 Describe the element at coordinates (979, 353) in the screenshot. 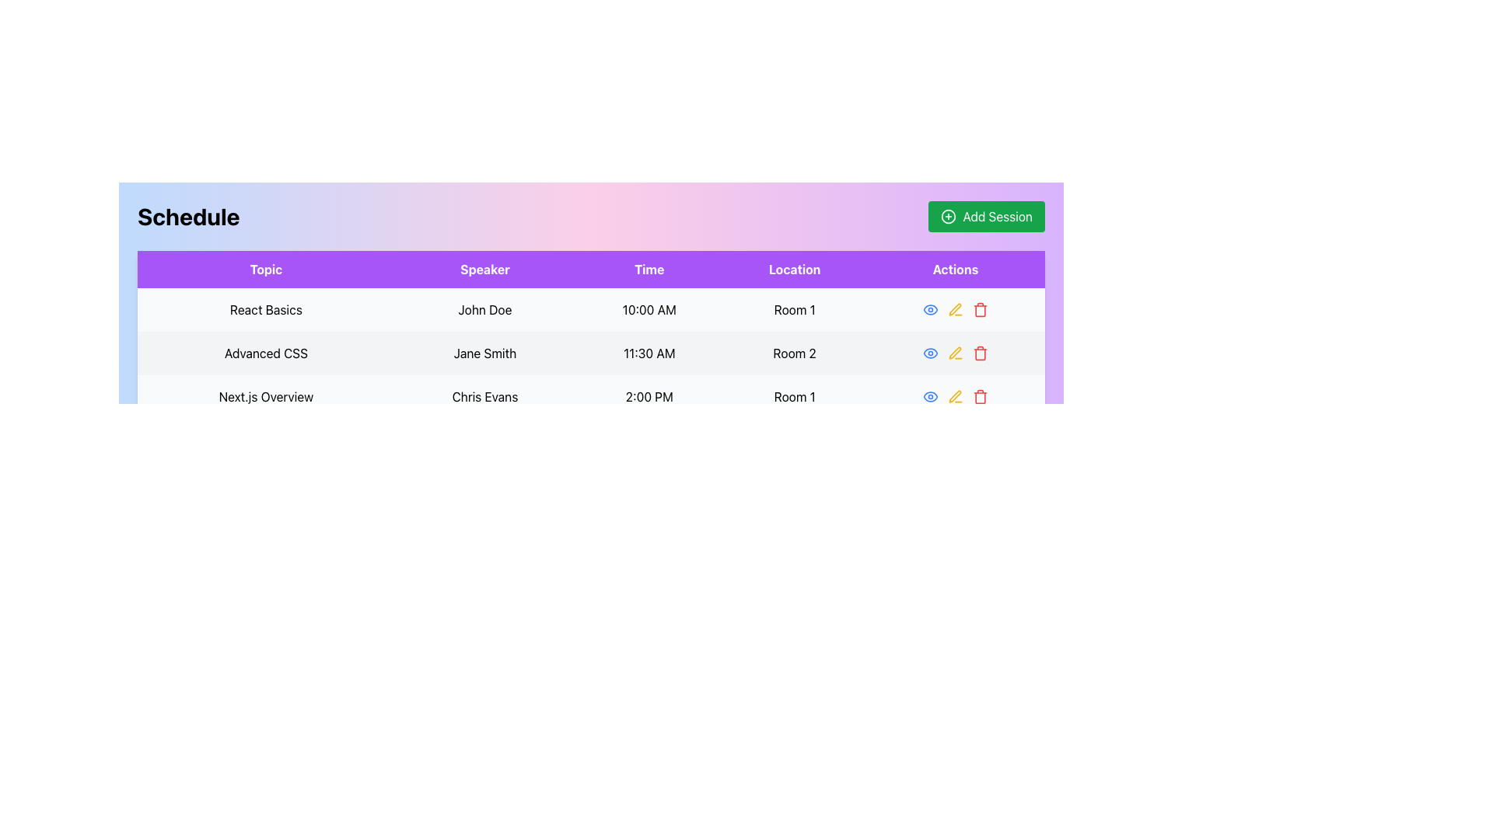

I see `the delete button icon in the rightmost column of the second row for the 'Advanced CSS' session entry` at that location.